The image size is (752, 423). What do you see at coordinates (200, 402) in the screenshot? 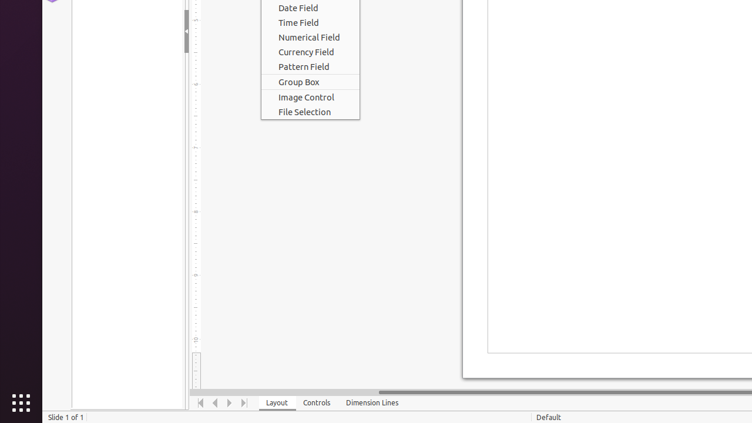
I see `'Move To Home'` at bounding box center [200, 402].